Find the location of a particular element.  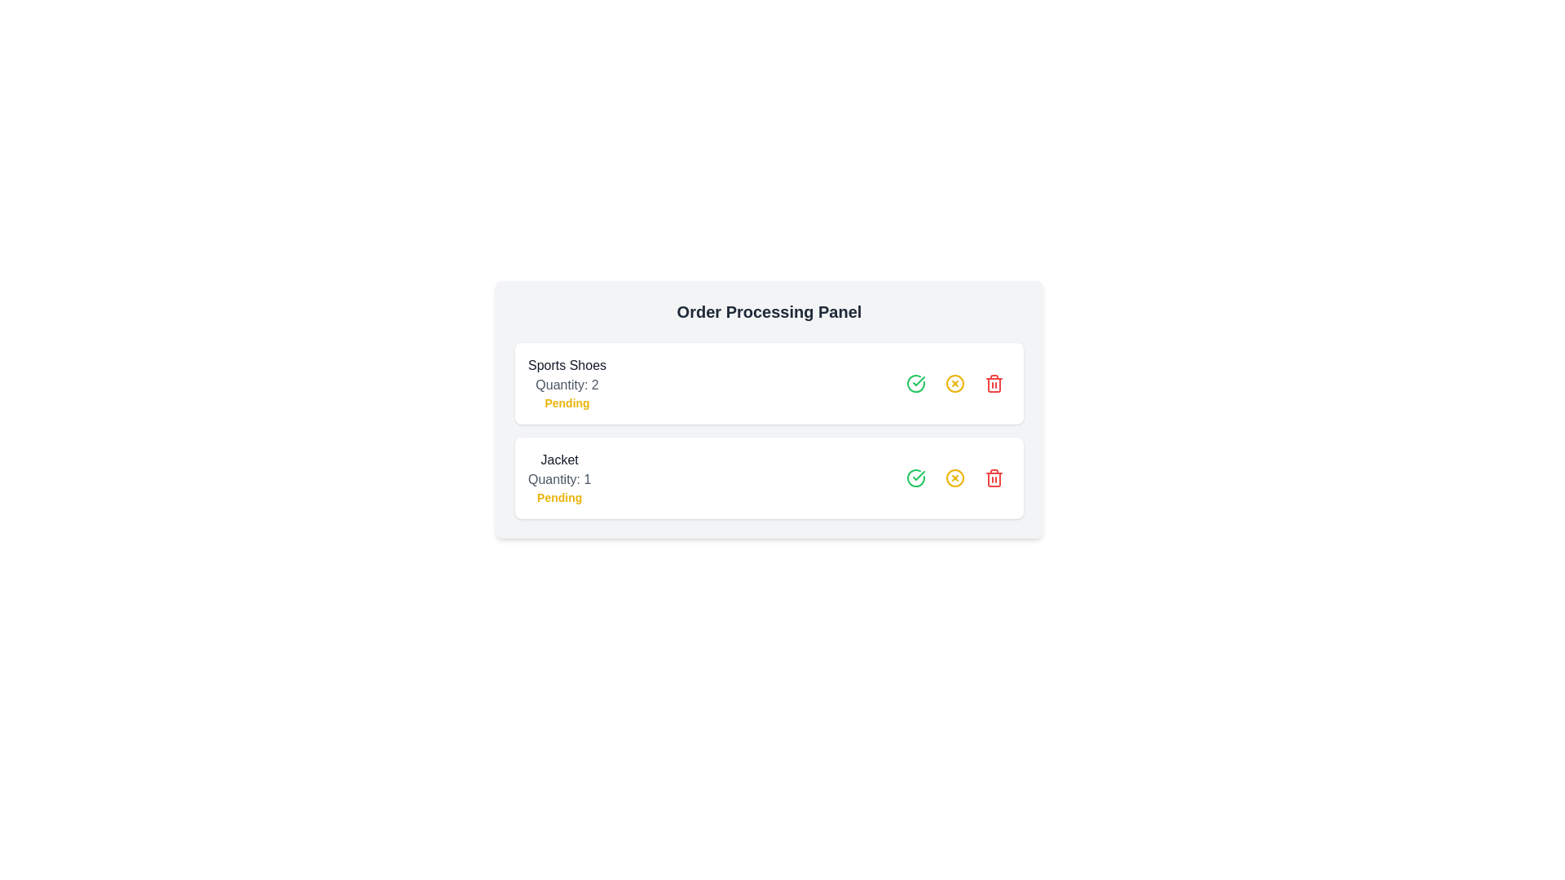

the circled 'X' icon located in the 'Order Processing Panel' is located at coordinates (954, 383).